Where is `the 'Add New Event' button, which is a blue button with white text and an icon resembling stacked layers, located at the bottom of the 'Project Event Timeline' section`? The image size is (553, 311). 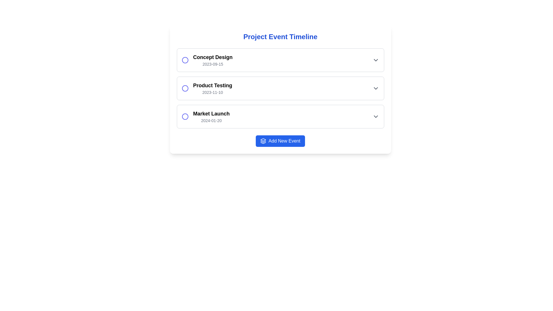 the 'Add New Event' button, which is a blue button with white text and an icon resembling stacked layers, located at the bottom of the 'Project Event Timeline' section is located at coordinates (280, 141).